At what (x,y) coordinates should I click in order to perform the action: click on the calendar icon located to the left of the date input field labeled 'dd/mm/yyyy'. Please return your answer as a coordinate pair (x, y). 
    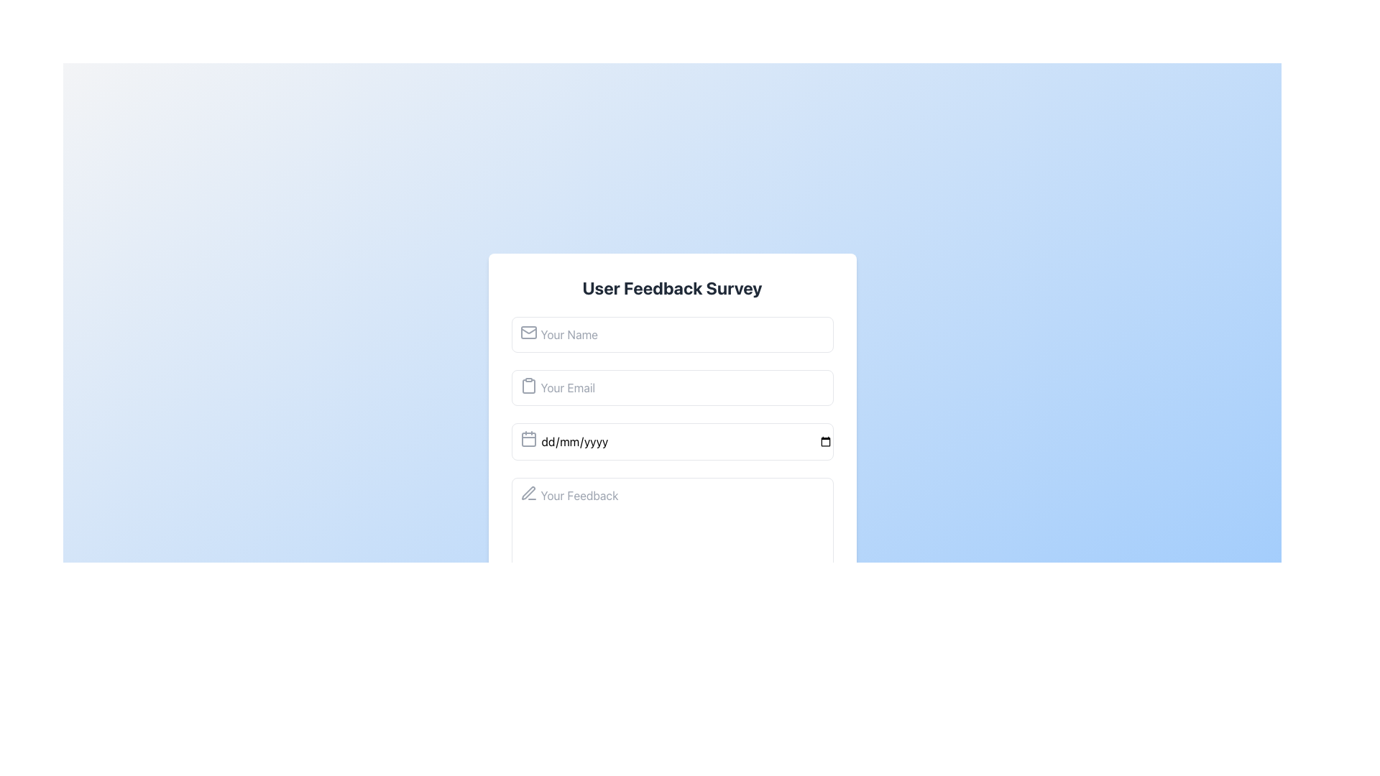
    Looking at the image, I should click on (528, 438).